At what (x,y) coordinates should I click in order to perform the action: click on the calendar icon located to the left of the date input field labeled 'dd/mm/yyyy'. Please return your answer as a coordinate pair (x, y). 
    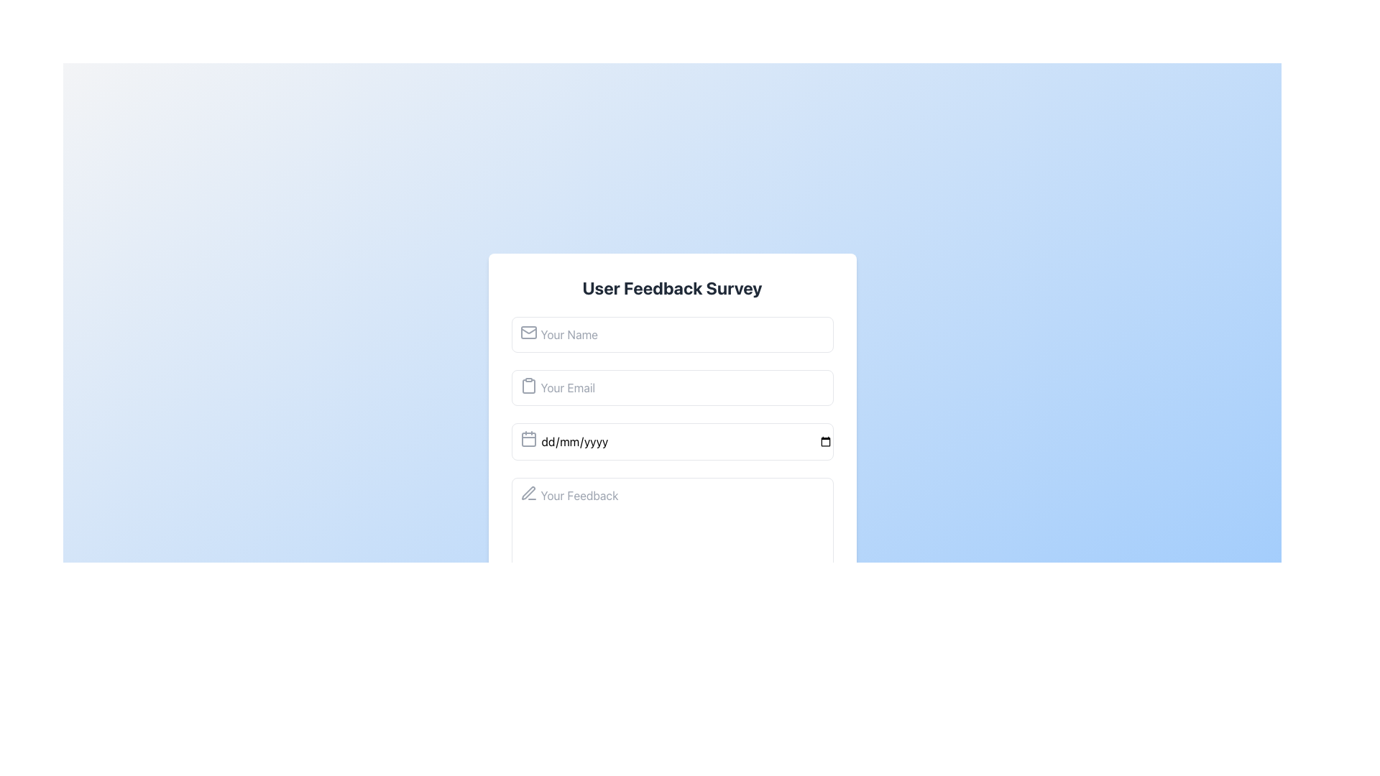
    Looking at the image, I should click on (528, 438).